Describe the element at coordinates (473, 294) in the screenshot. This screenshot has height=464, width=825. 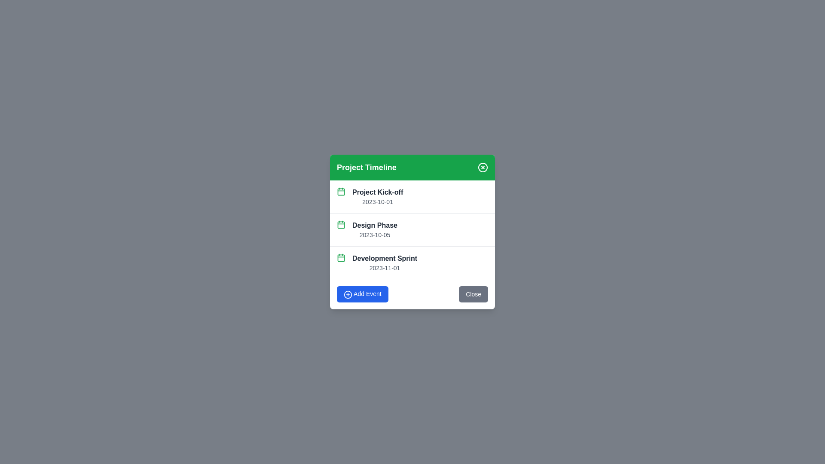
I see `the close button to dismiss the dialog` at that location.